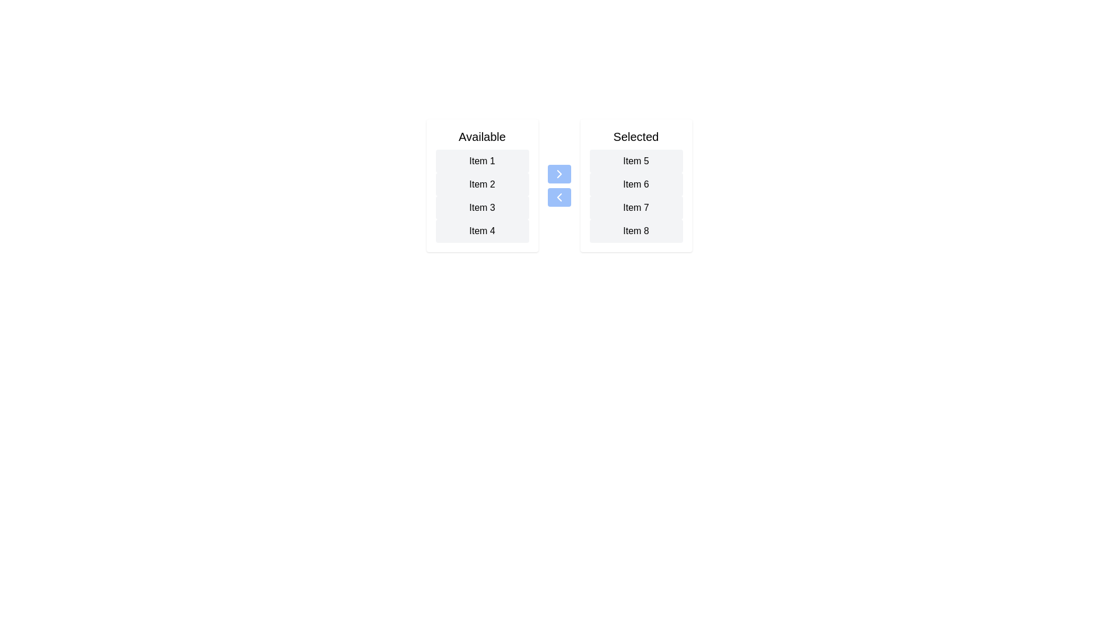  I want to click on text label 'Selected' located at the top center of the right-hand column, above a list of selectable items, so click(635, 136).